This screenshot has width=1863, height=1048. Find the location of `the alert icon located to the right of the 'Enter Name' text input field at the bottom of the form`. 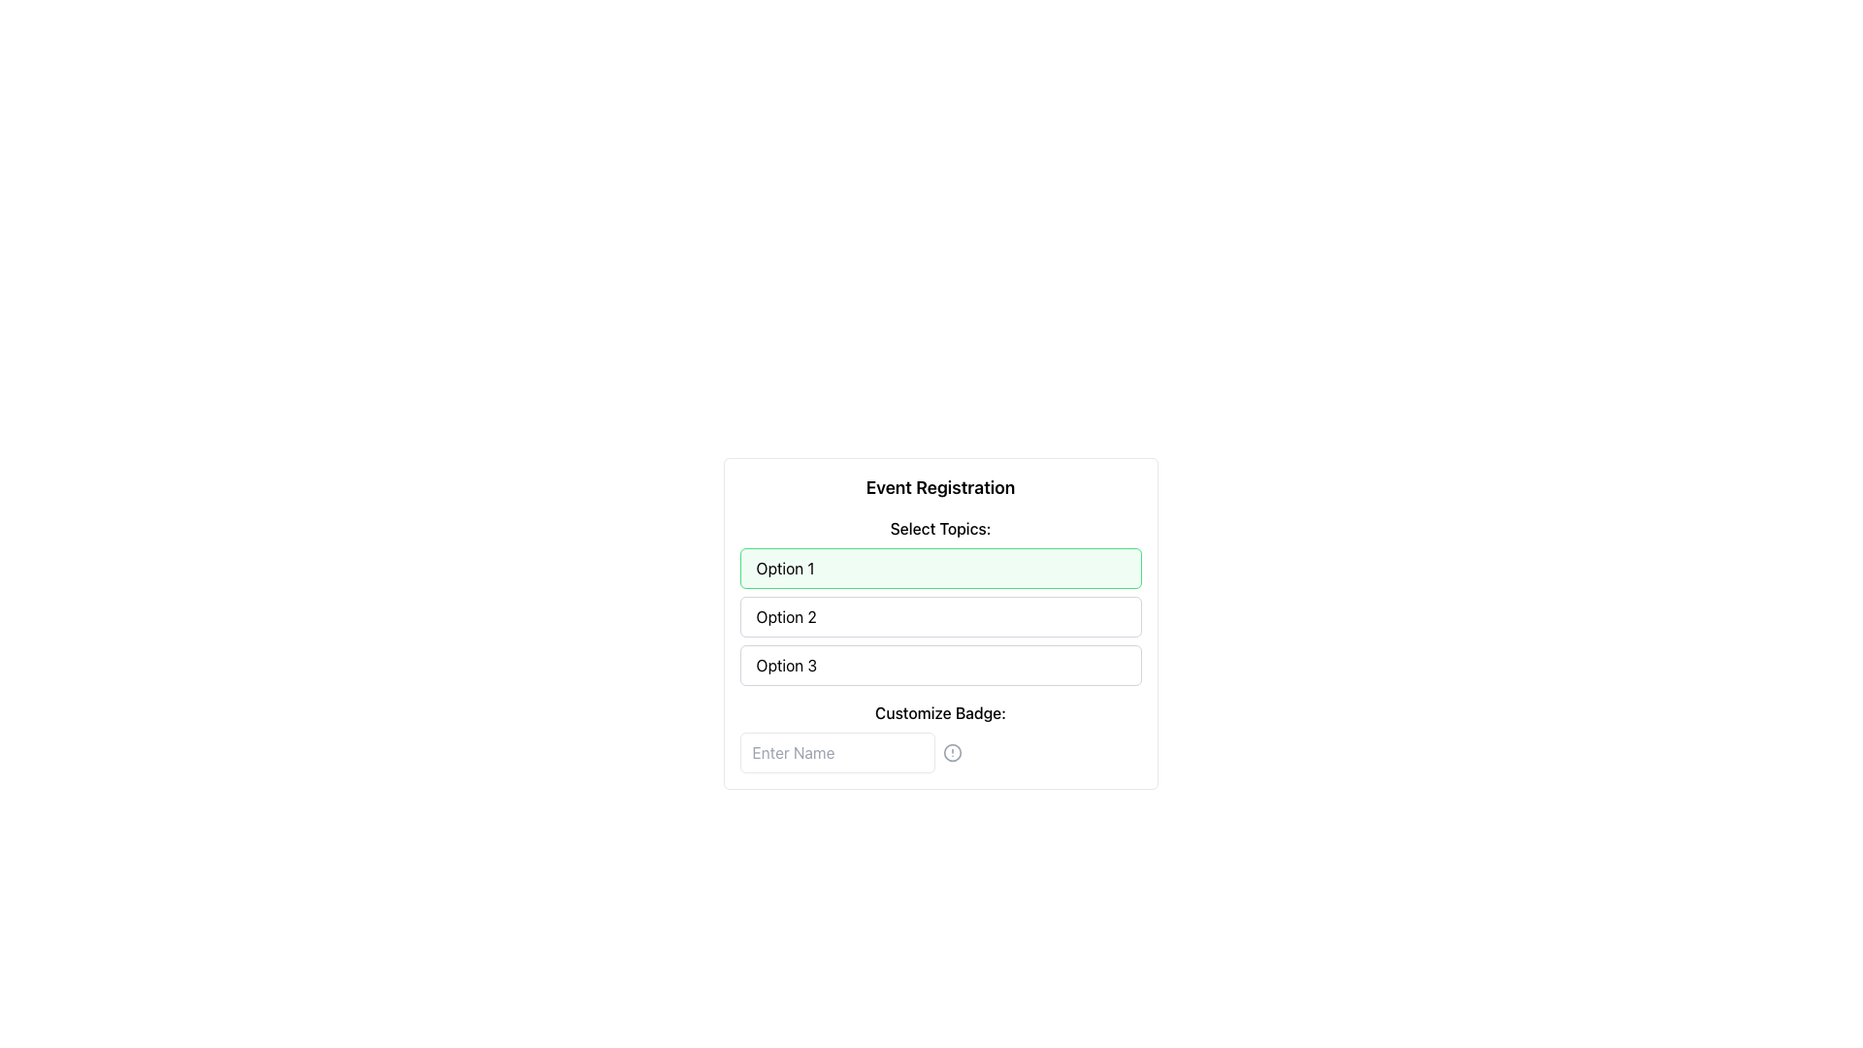

the alert icon located to the right of the 'Enter Name' text input field at the bottom of the form is located at coordinates (952, 751).